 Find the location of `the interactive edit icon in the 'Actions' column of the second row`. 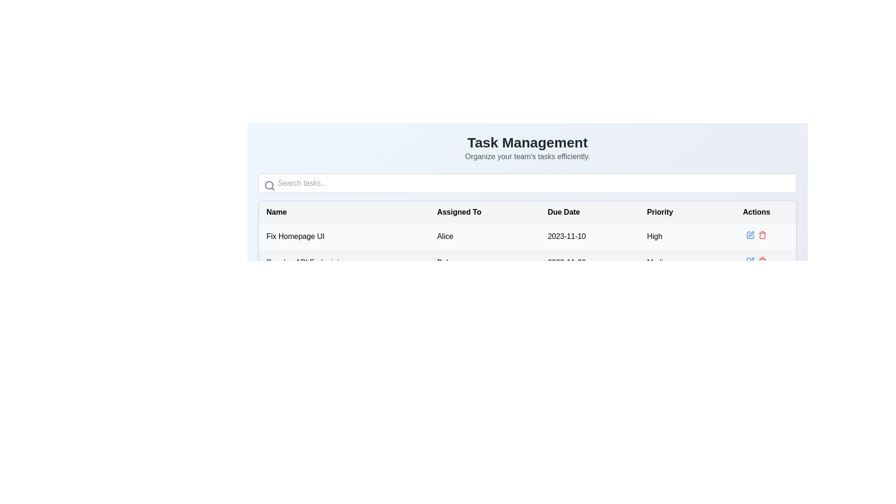

the interactive edit icon in the 'Actions' column of the second row is located at coordinates (750, 261).